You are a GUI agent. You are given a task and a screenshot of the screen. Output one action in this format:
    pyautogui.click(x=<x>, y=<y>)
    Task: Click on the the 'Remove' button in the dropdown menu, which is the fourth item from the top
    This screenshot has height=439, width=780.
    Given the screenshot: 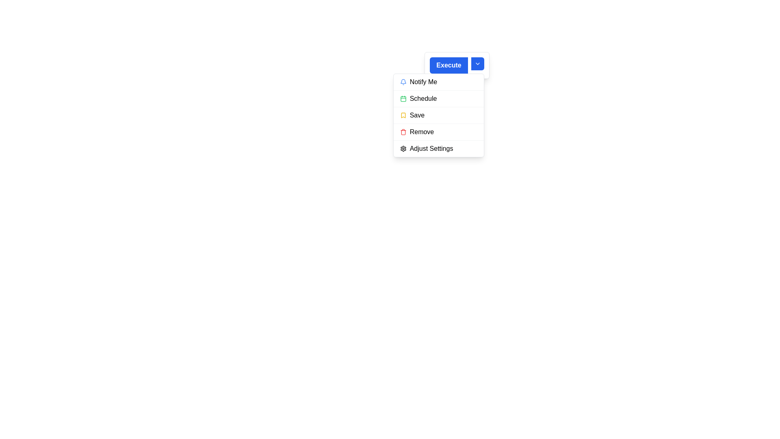 What is the action you would take?
    pyautogui.click(x=438, y=131)
    